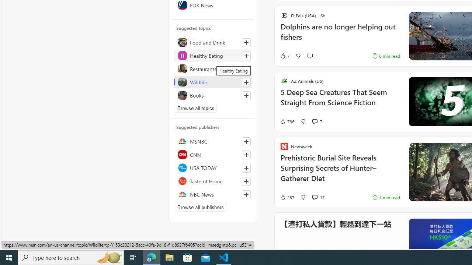  I want to click on 'MSNBC', so click(212, 141).